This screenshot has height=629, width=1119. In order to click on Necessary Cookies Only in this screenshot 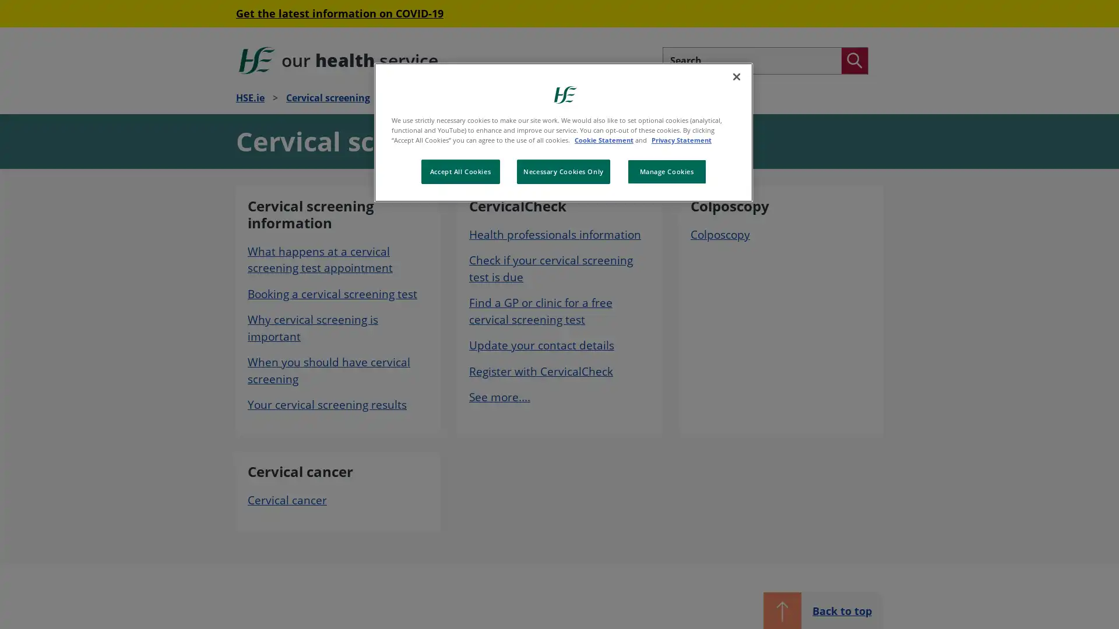, I will do `click(563, 171)`.